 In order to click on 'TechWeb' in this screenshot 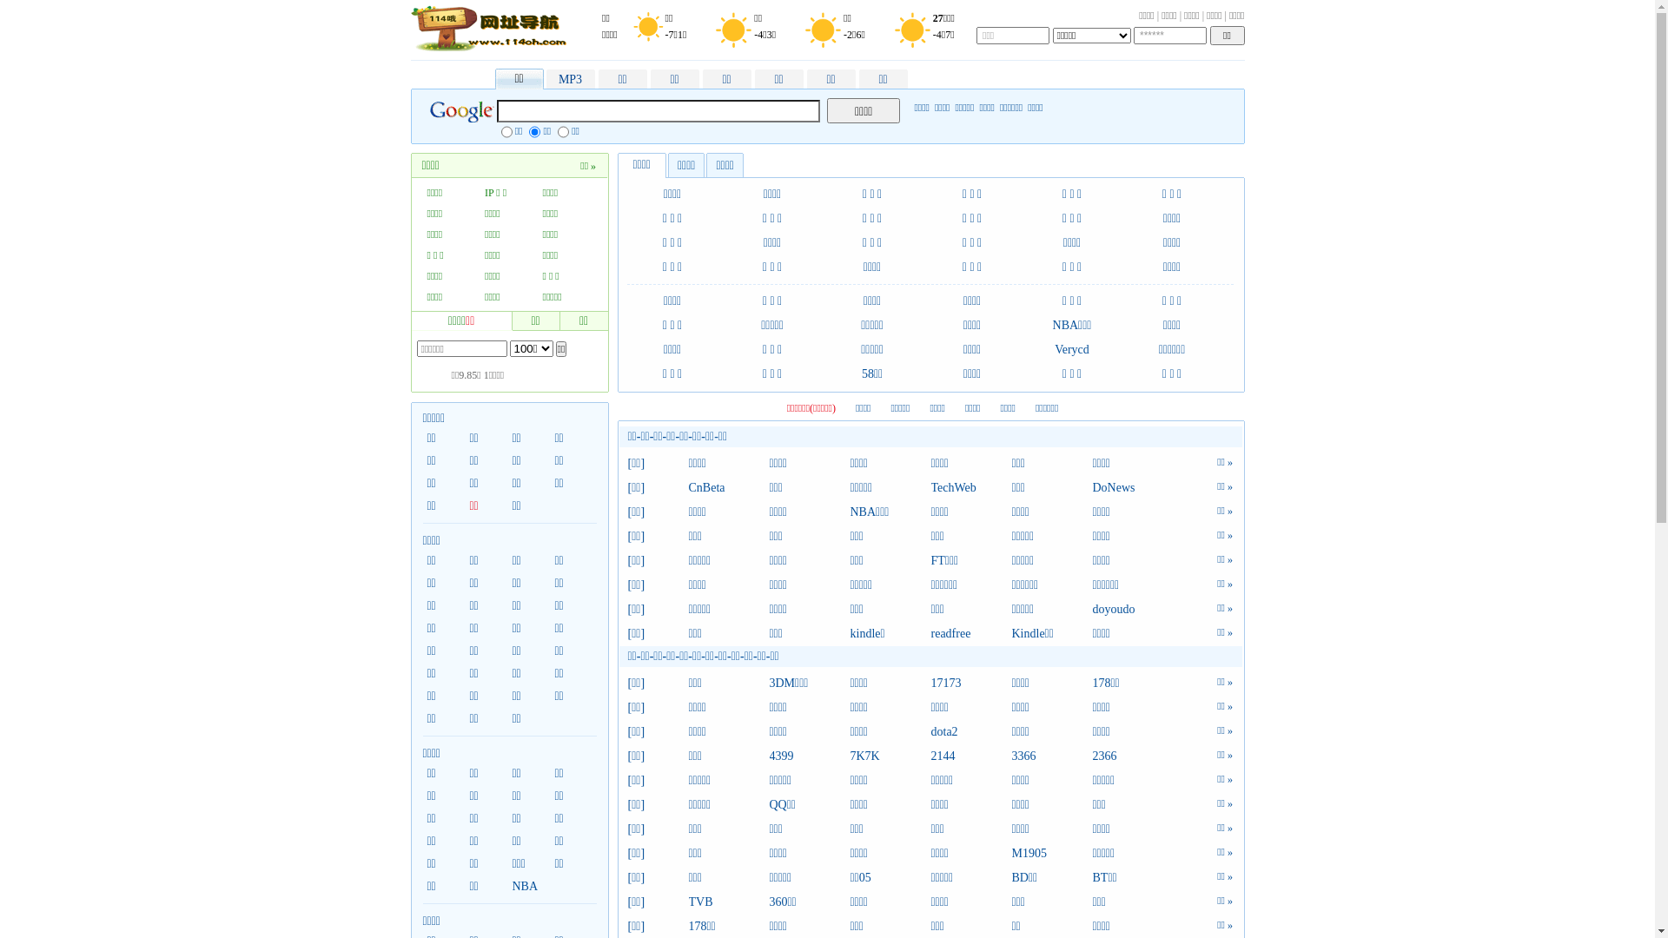, I will do `click(970, 488)`.